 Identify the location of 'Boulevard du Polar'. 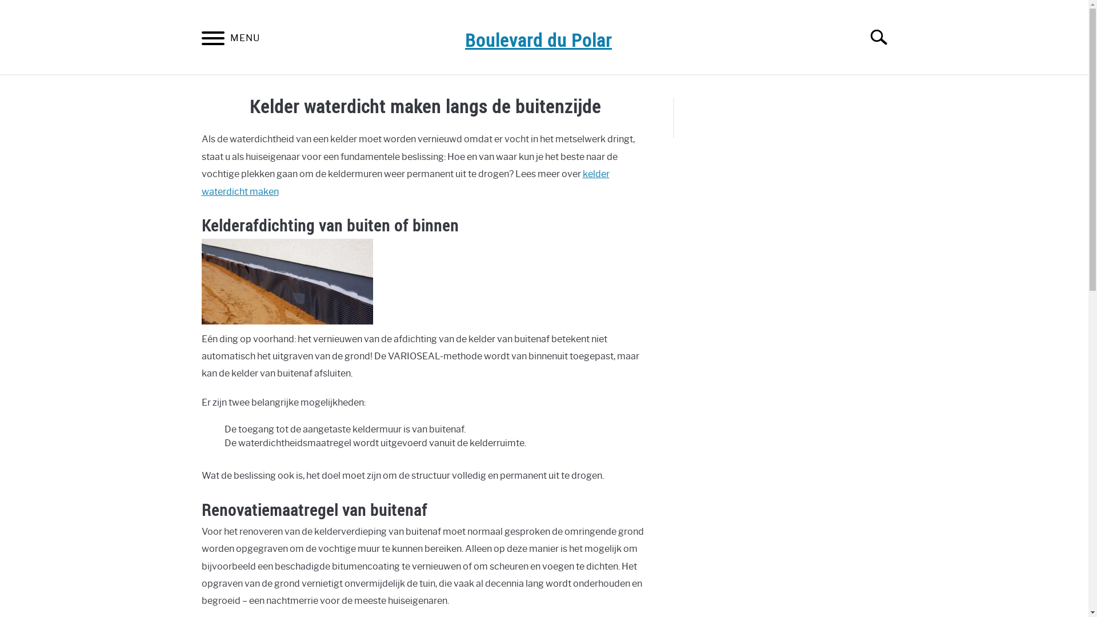
(538, 39).